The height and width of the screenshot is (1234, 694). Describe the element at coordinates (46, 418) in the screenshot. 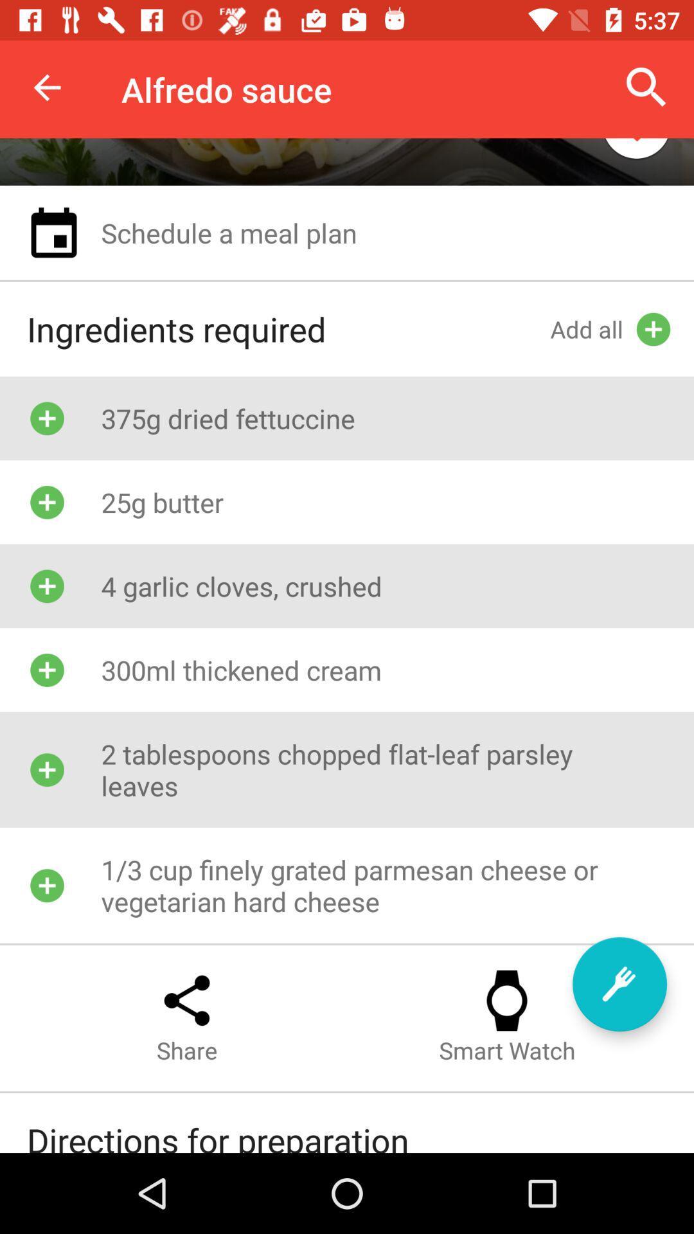

I see `the add symbol which is left hand side of the text 375g dried fettuccine` at that location.